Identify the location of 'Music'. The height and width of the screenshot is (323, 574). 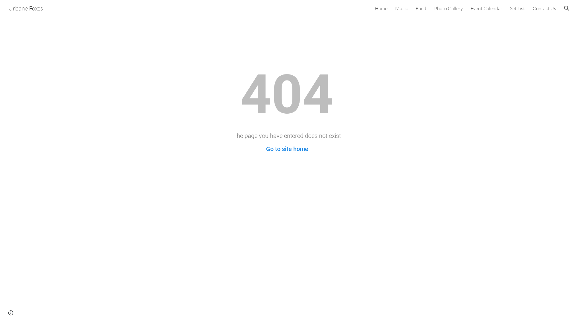
(402, 8).